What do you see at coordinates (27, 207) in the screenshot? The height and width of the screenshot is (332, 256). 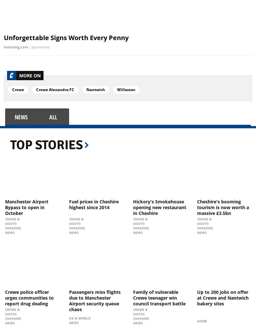 I see `'Manchester Airport Bypass to open in October'` at bounding box center [27, 207].